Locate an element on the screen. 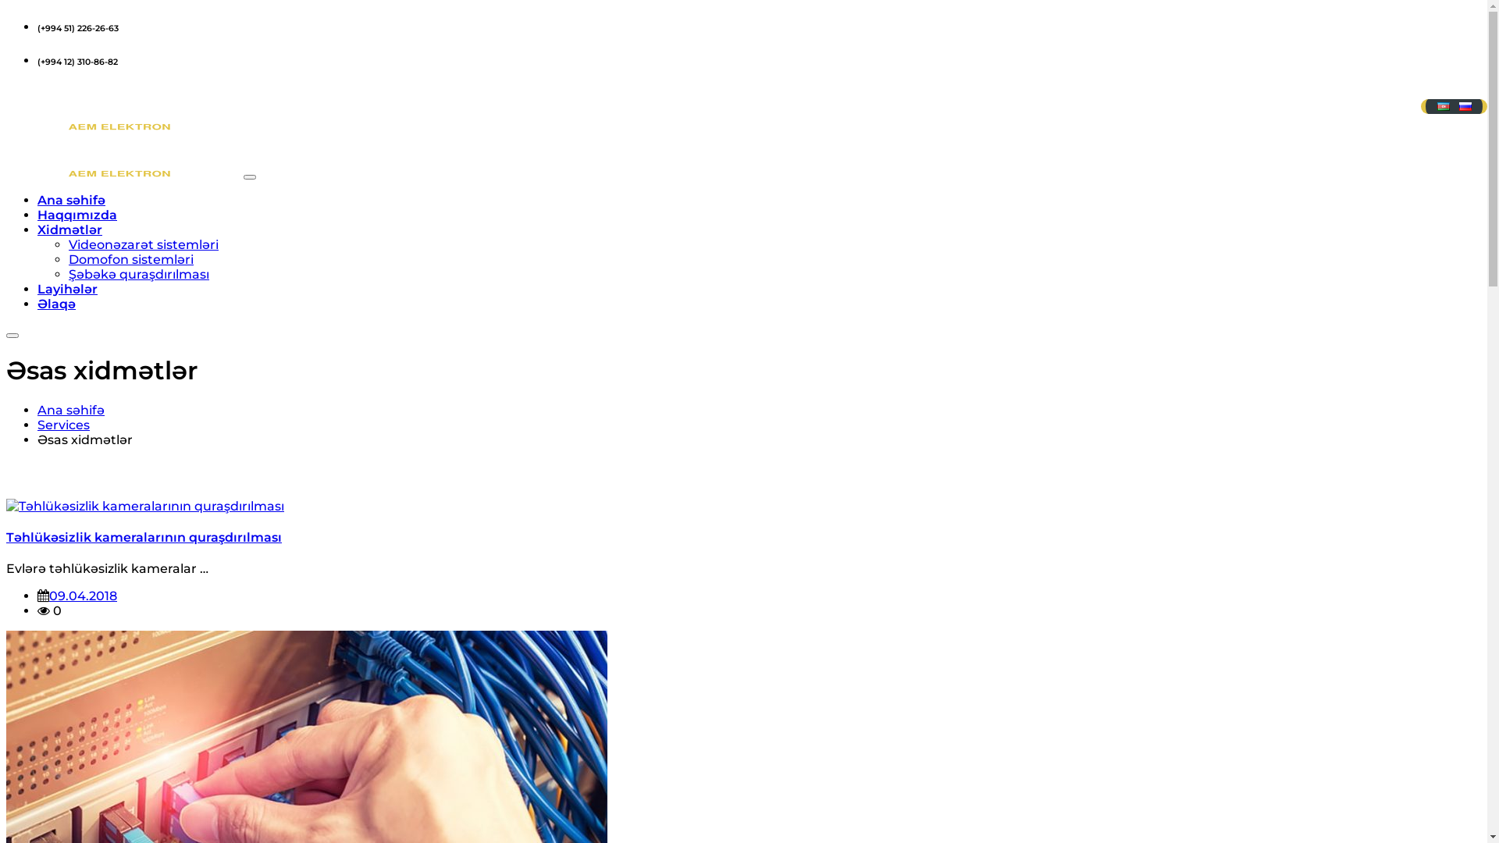 The height and width of the screenshot is (843, 1499). 'Services' is located at coordinates (62, 425).